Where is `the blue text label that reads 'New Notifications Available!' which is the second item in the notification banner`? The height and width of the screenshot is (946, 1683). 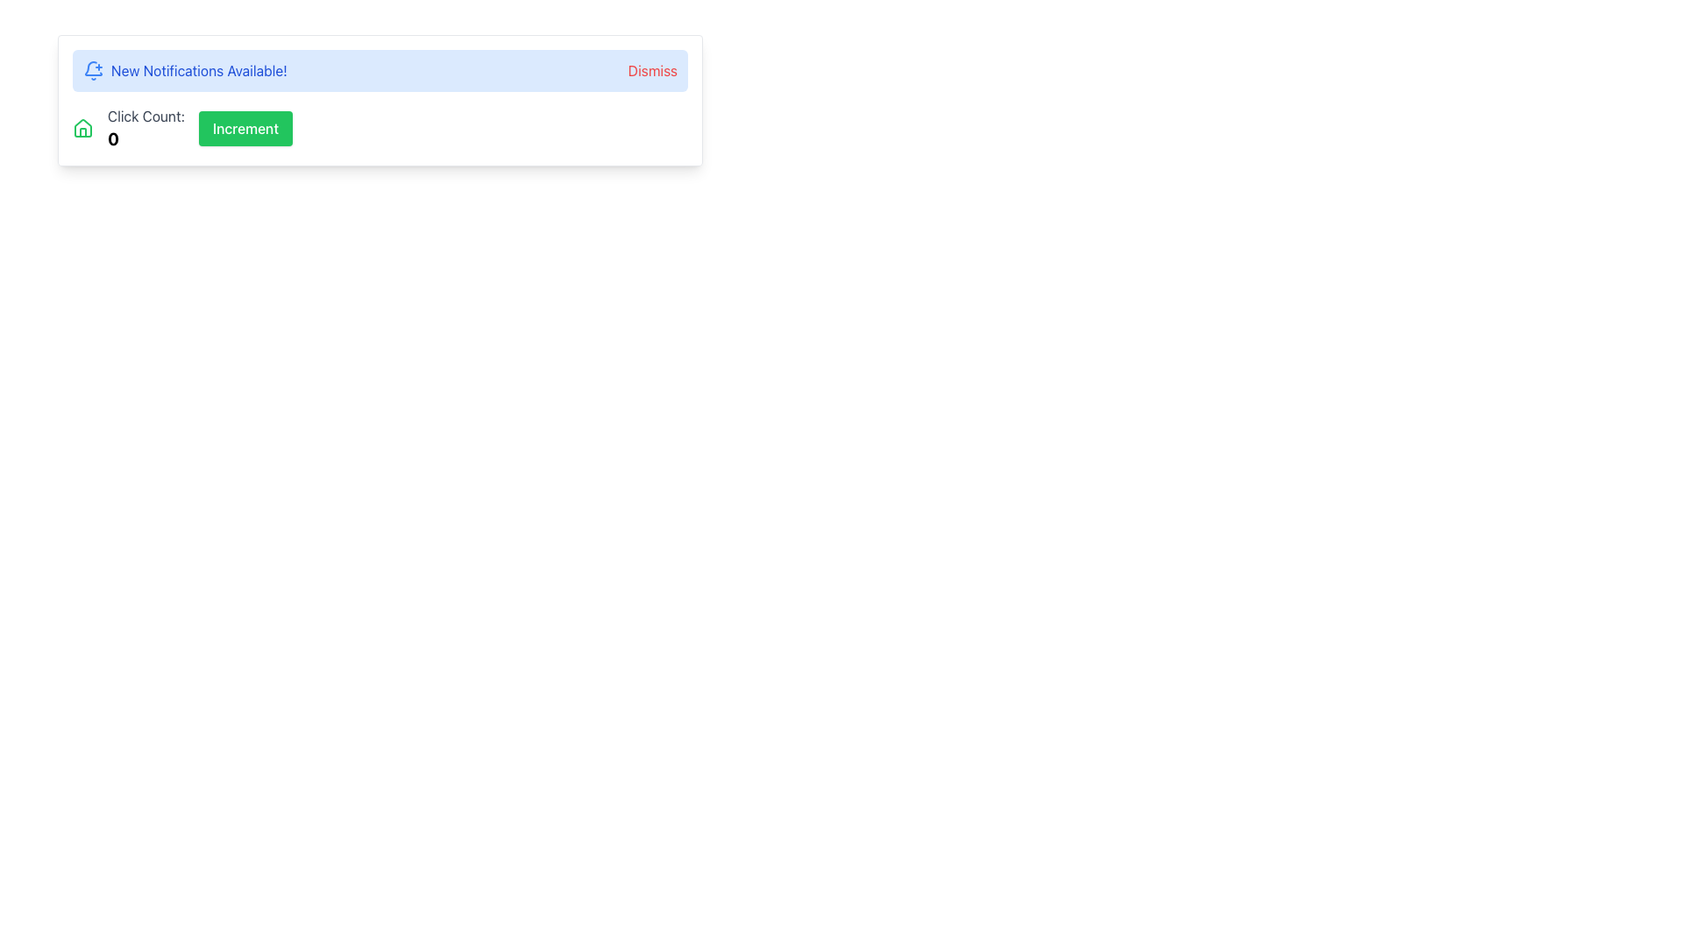 the blue text label that reads 'New Notifications Available!' which is the second item in the notification banner is located at coordinates (199, 70).